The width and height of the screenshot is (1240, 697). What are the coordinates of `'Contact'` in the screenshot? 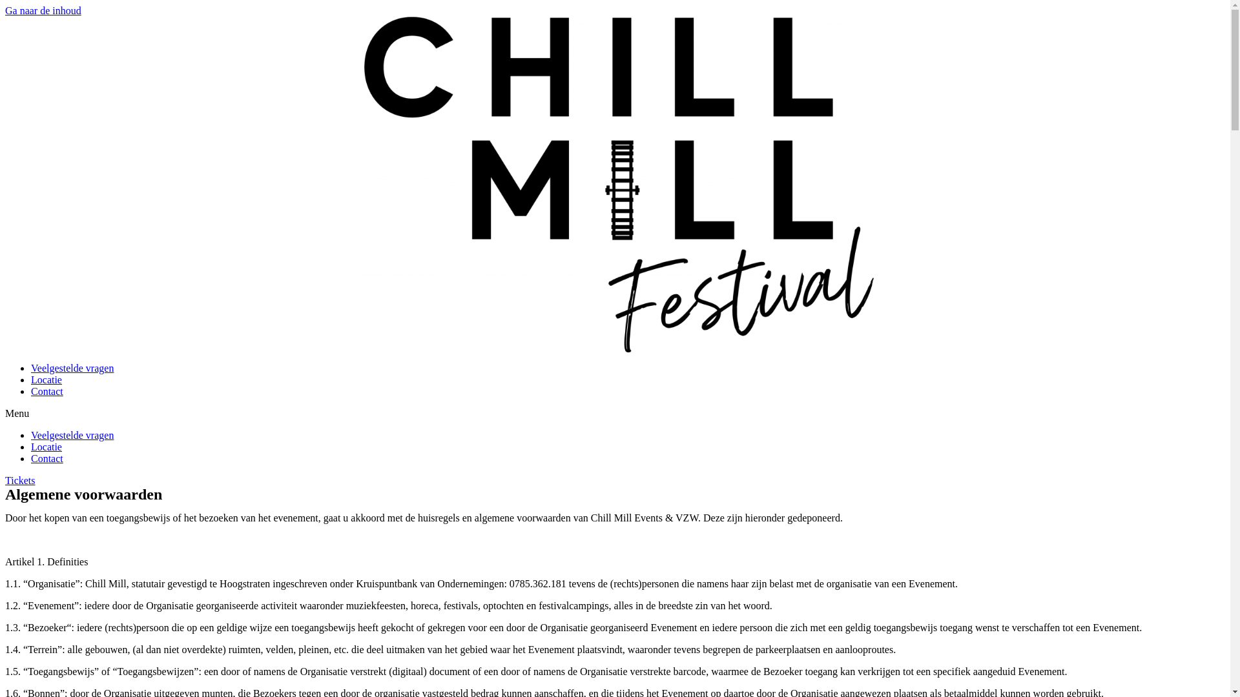 It's located at (46, 390).